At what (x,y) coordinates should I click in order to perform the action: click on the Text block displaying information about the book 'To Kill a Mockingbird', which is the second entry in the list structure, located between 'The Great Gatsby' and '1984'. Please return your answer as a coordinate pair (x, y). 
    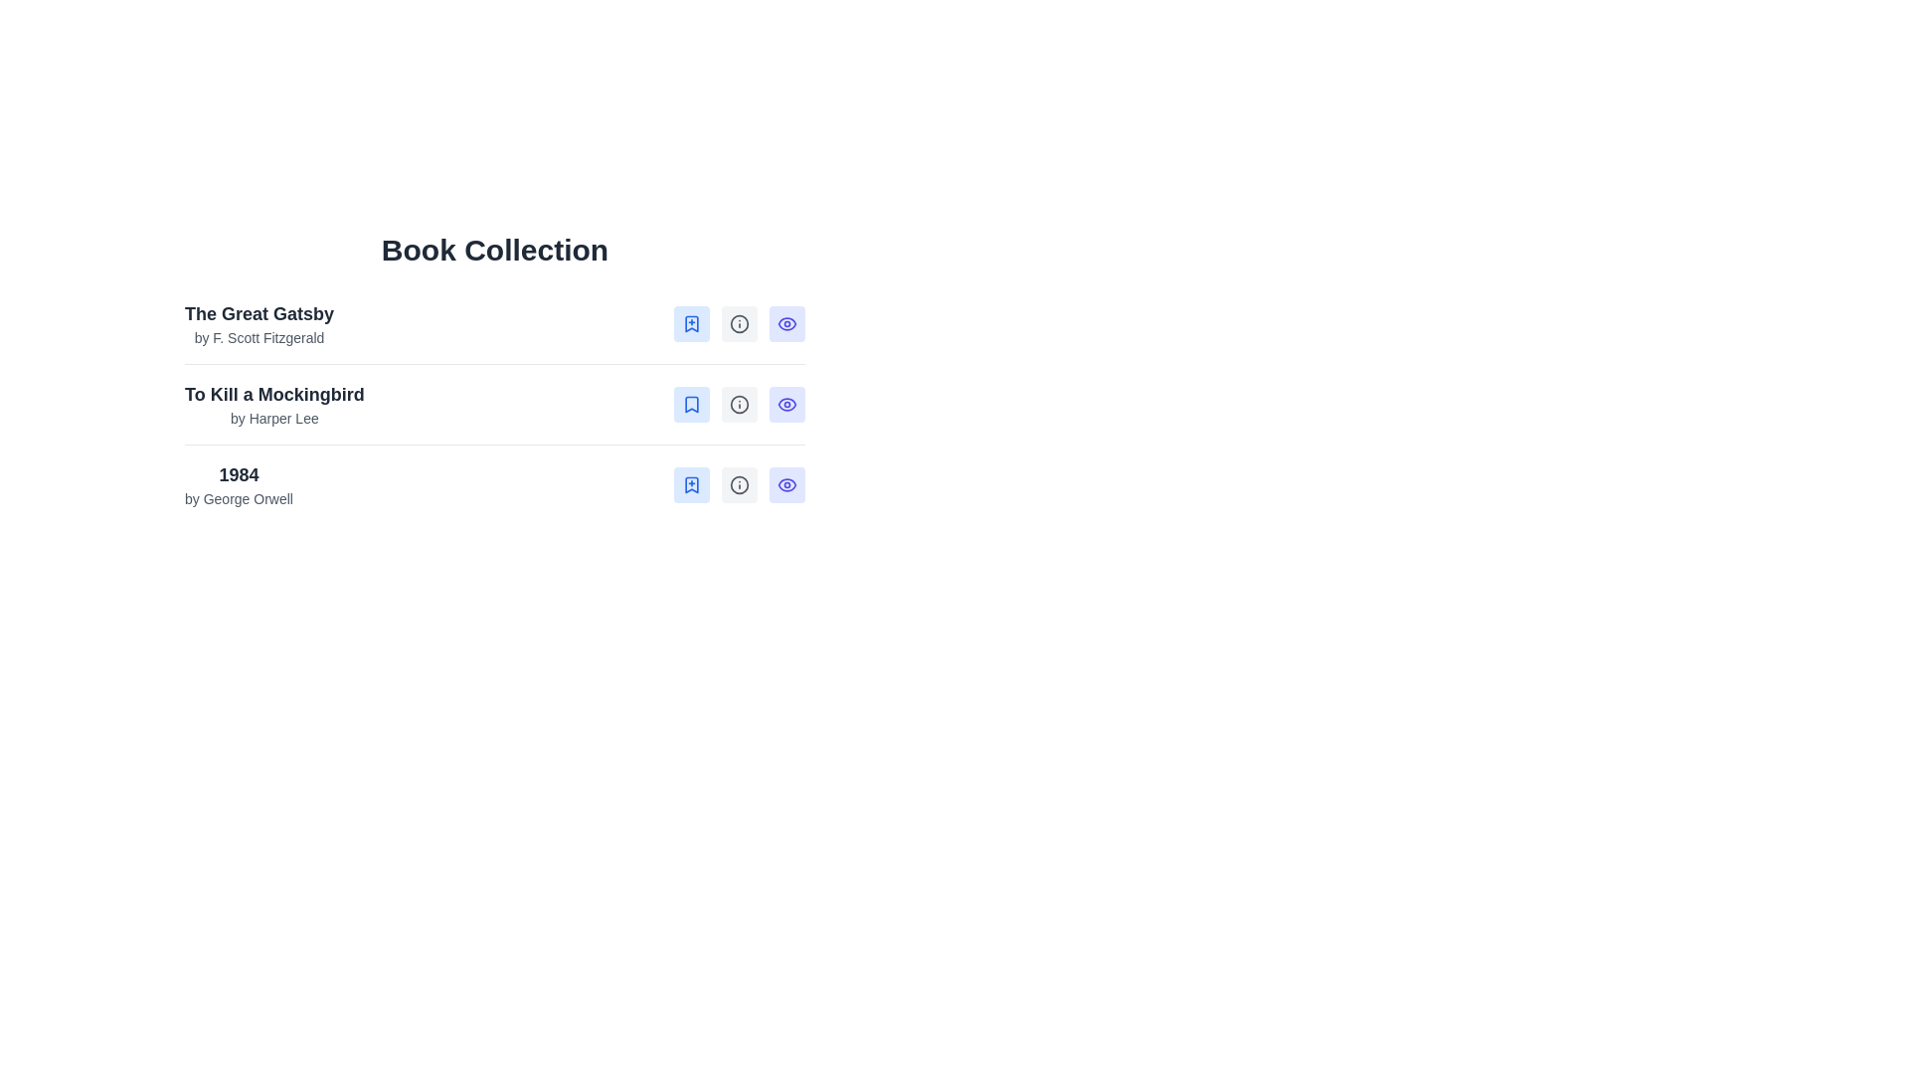
    Looking at the image, I should click on (273, 404).